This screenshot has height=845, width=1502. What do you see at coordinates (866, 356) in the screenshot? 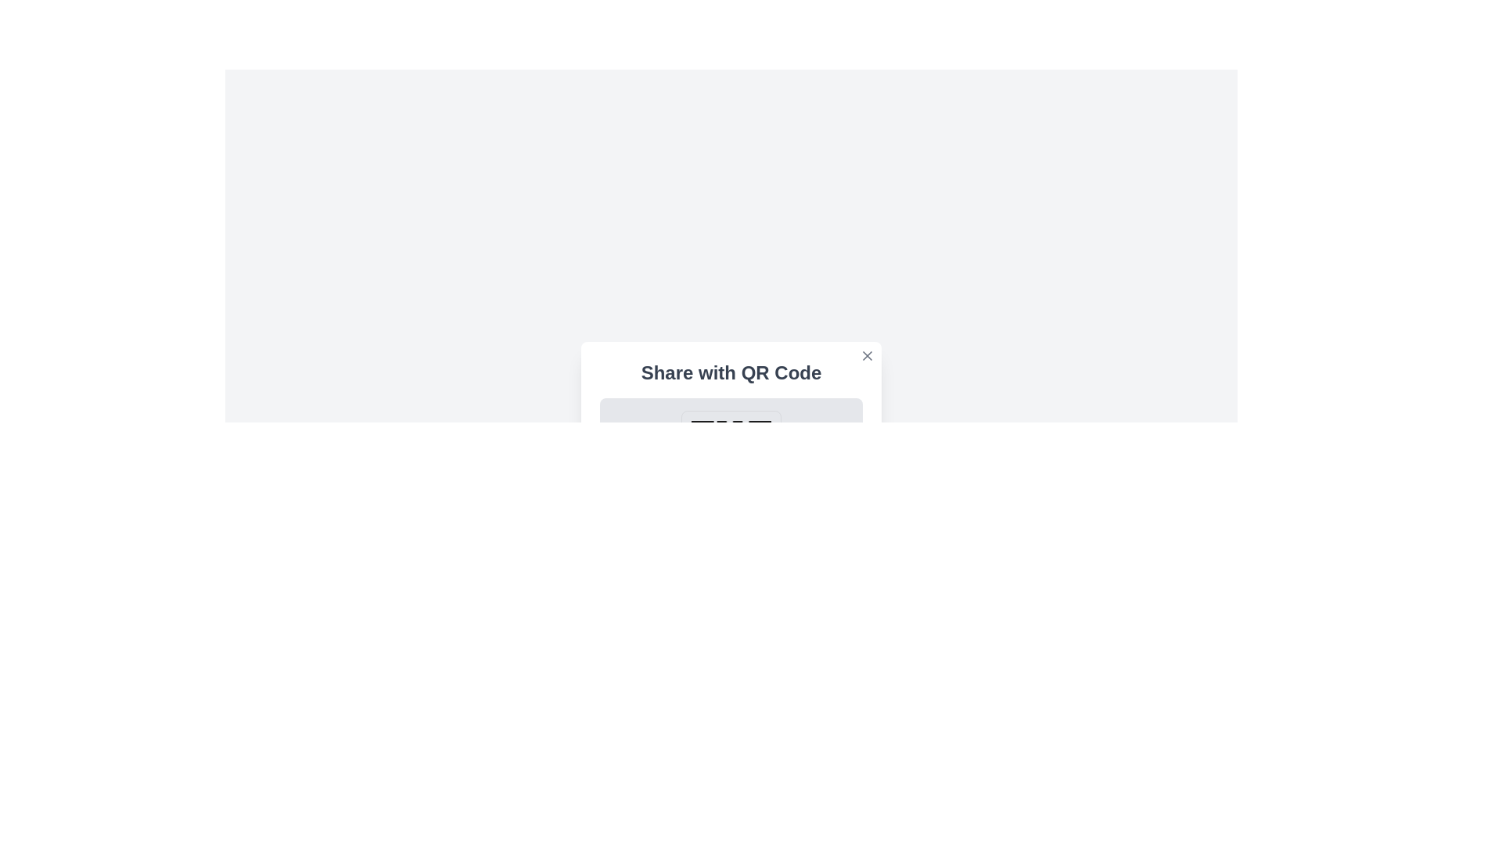
I see `the Close button in the modal window labeled 'Share with QR Code' to change its color` at bounding box center [866, 356].